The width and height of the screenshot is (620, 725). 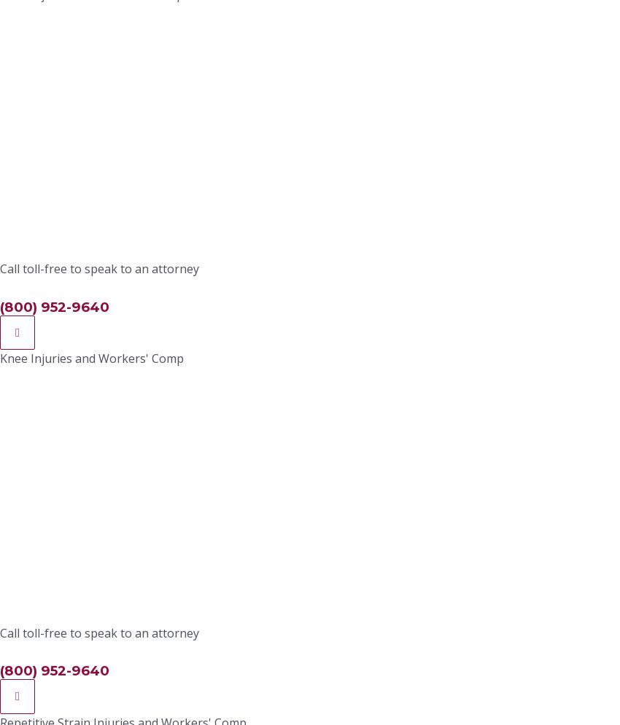 What do you see at coordinates (198, 36) in the screenshot?
I see `'or'` at bounding box center [198, 36].